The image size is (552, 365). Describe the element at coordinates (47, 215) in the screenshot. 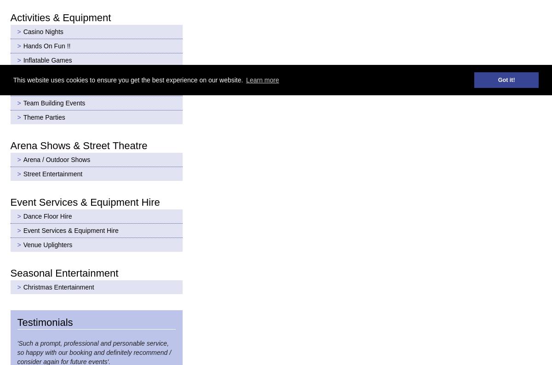

I see `'Dance Floor Hire'` at that location.